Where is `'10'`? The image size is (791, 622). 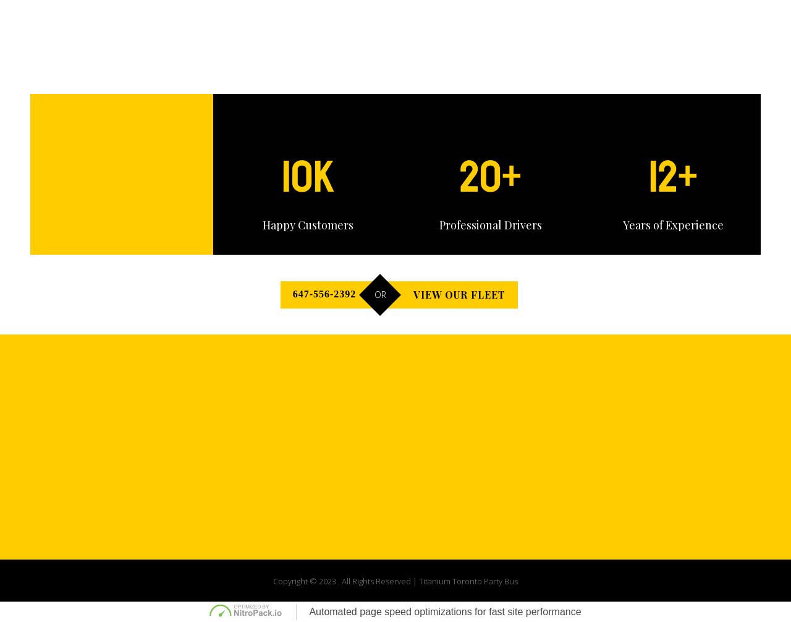 '10' is located at coordinates (297, 176).